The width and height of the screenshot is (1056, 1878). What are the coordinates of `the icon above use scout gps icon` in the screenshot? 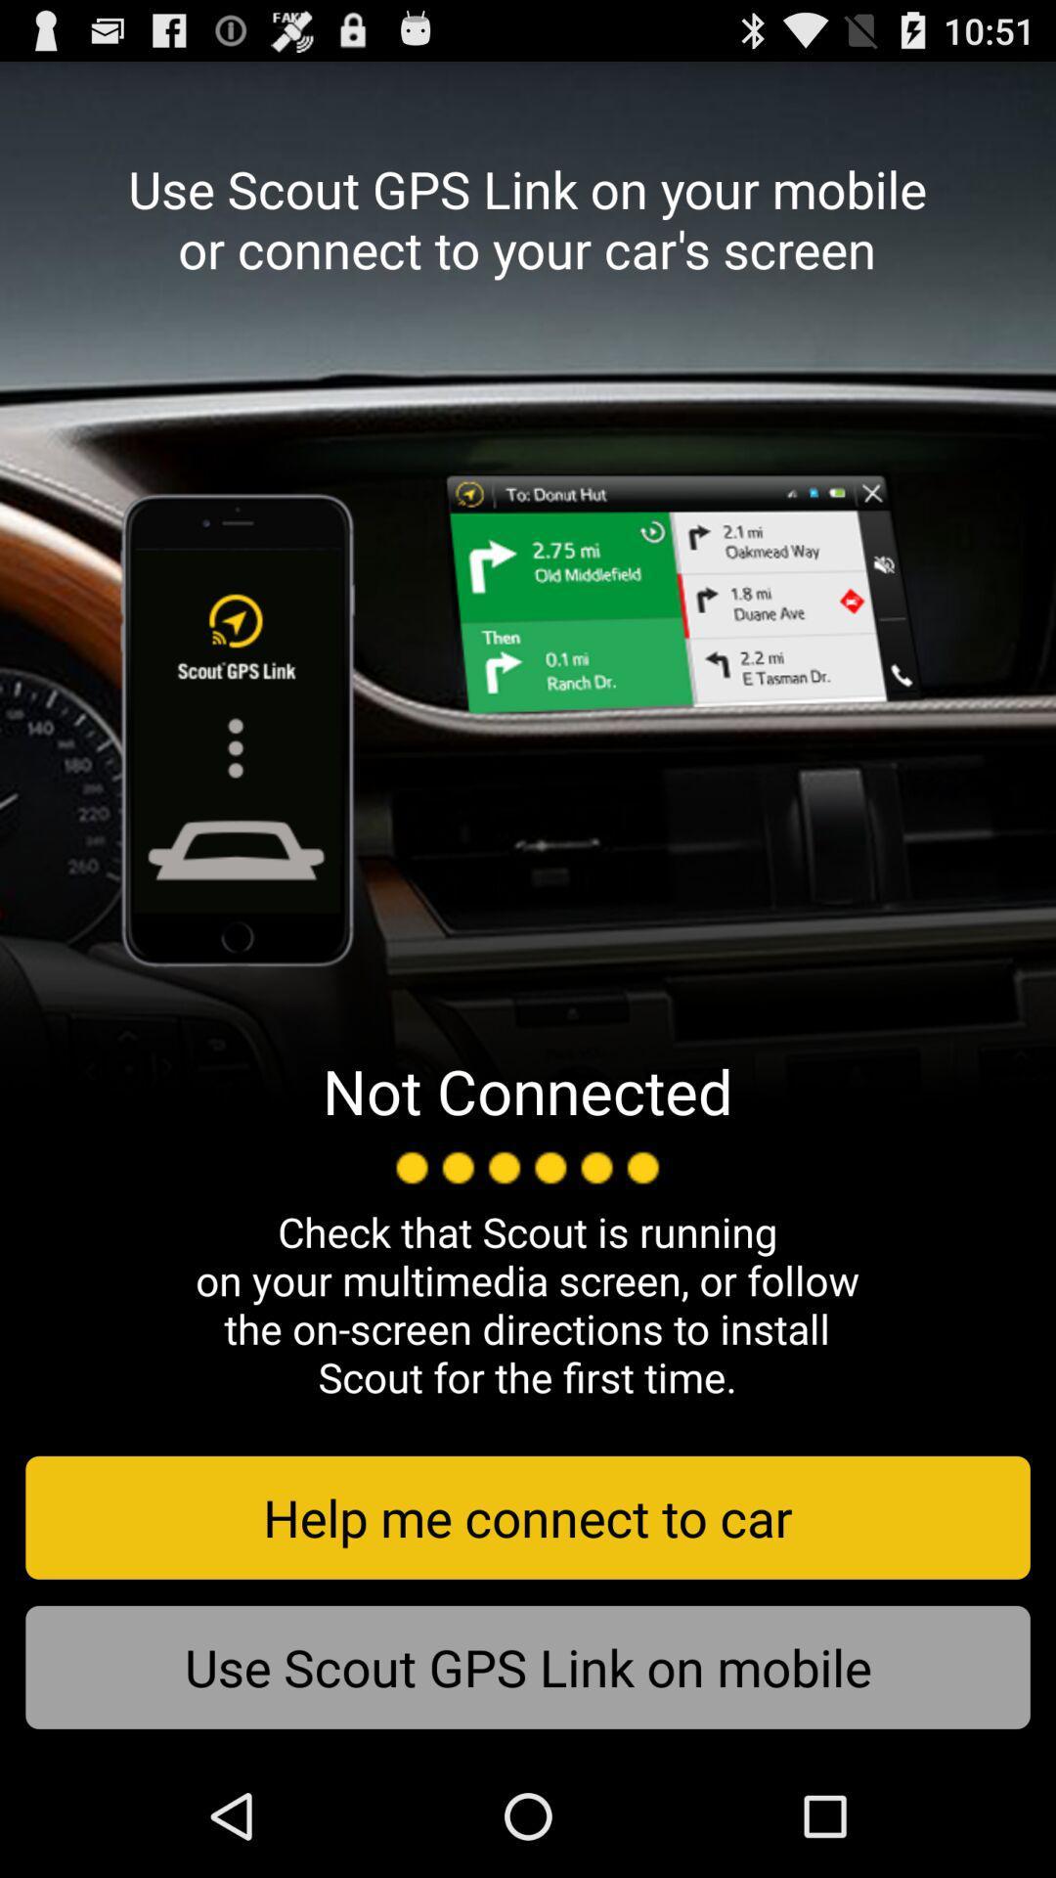 It's located at (528, 1516).